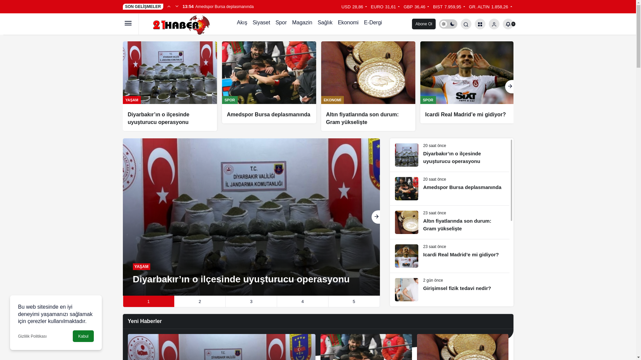  I want to click on 'Kabul', so click(72, 336).